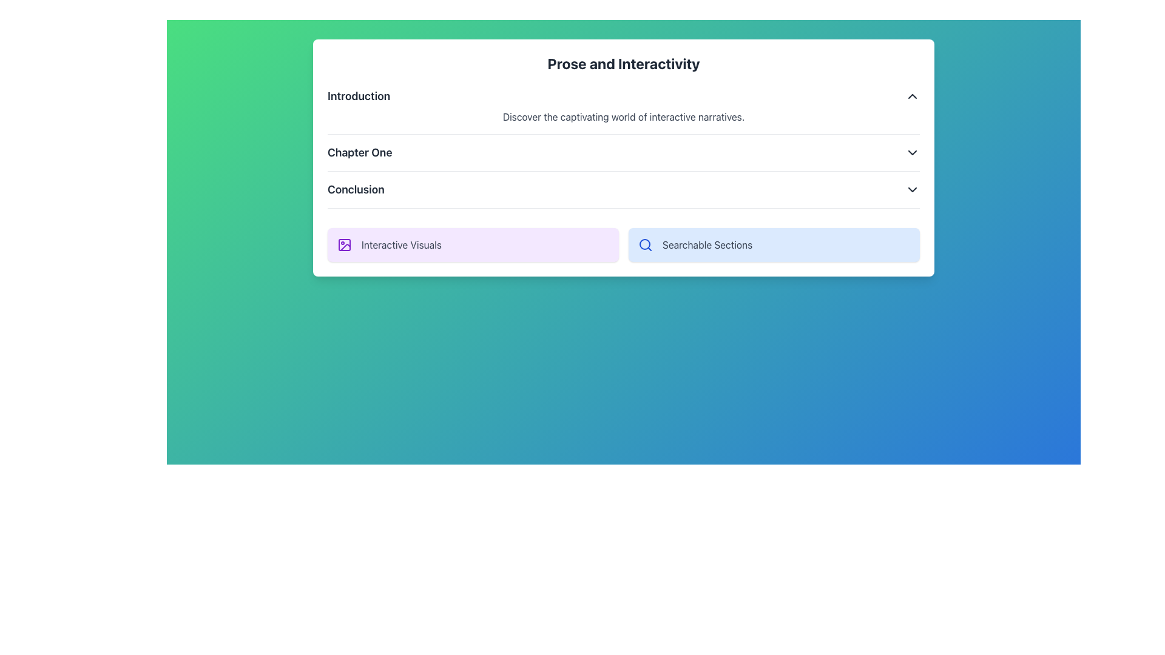 The image size is (1165, 655). What do you see at coordinates (623, 111) in the screenshot?
I see `the Text Section that provides an introductory description about interactive narratives, located directly below the title 'Prose and Interactivity'` at bounding box center [623, 111].